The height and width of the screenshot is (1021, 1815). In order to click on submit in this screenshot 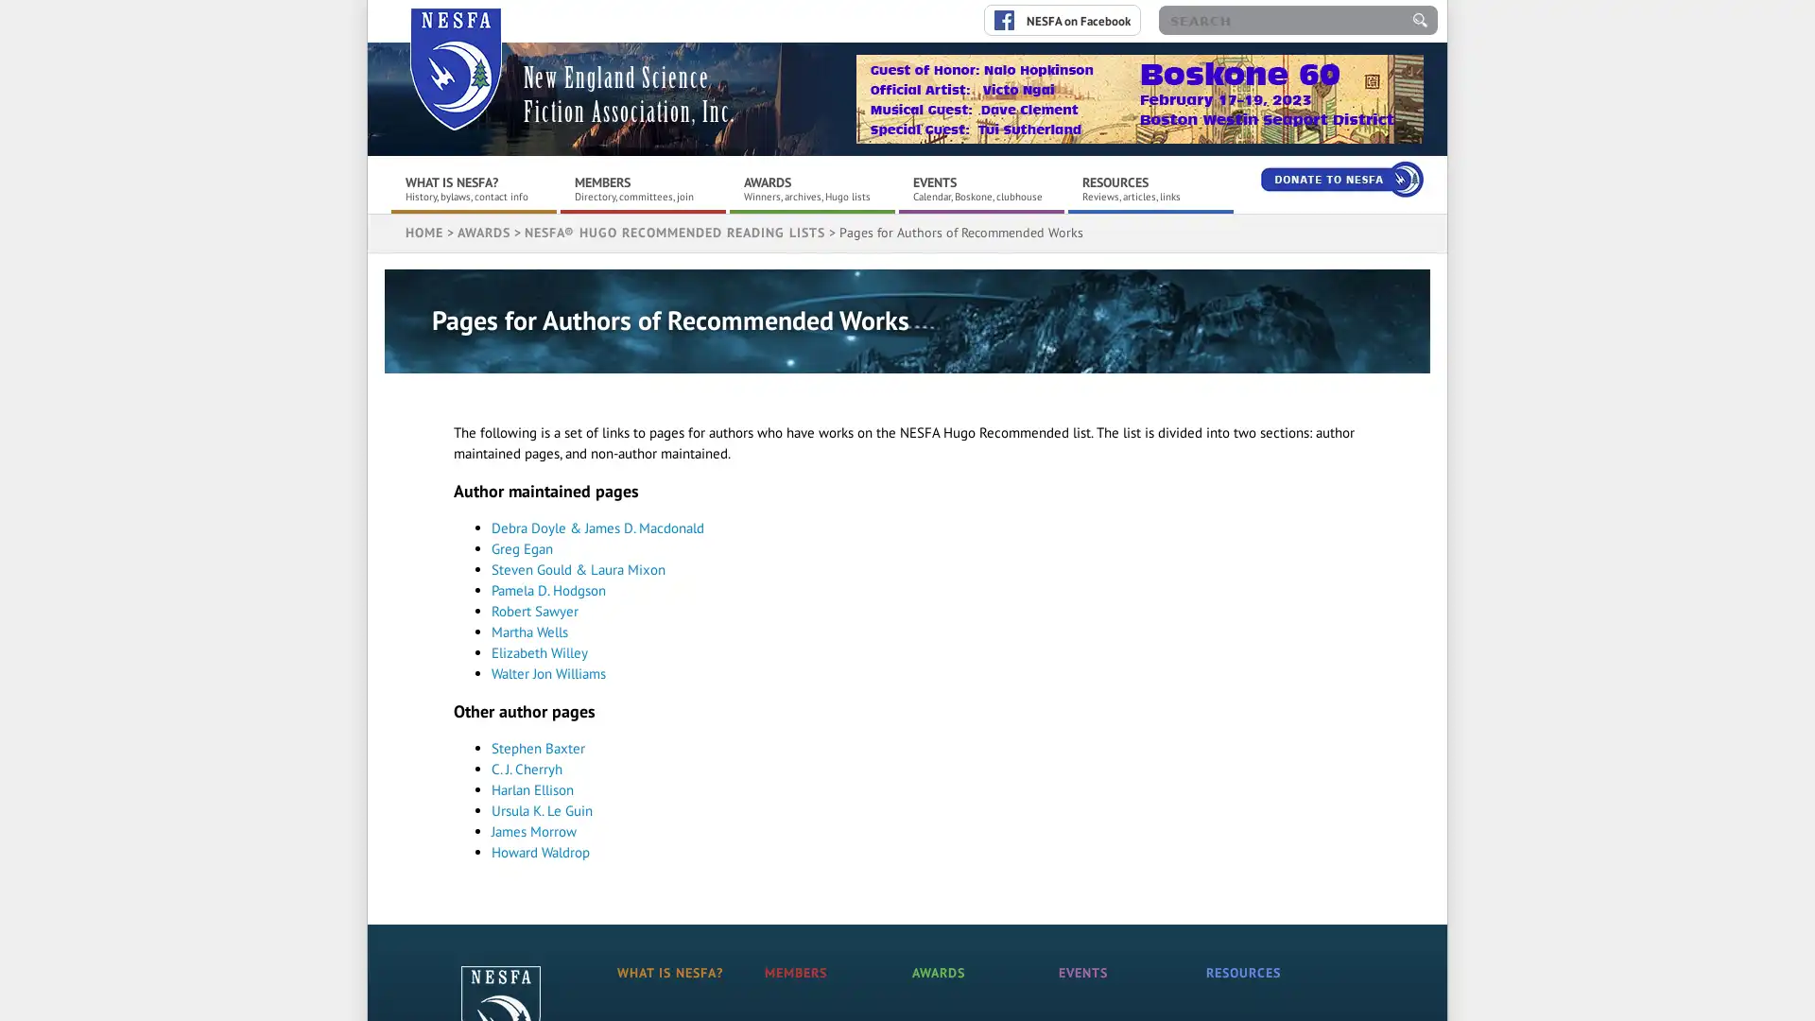, I will do `click(1420, 20)`.